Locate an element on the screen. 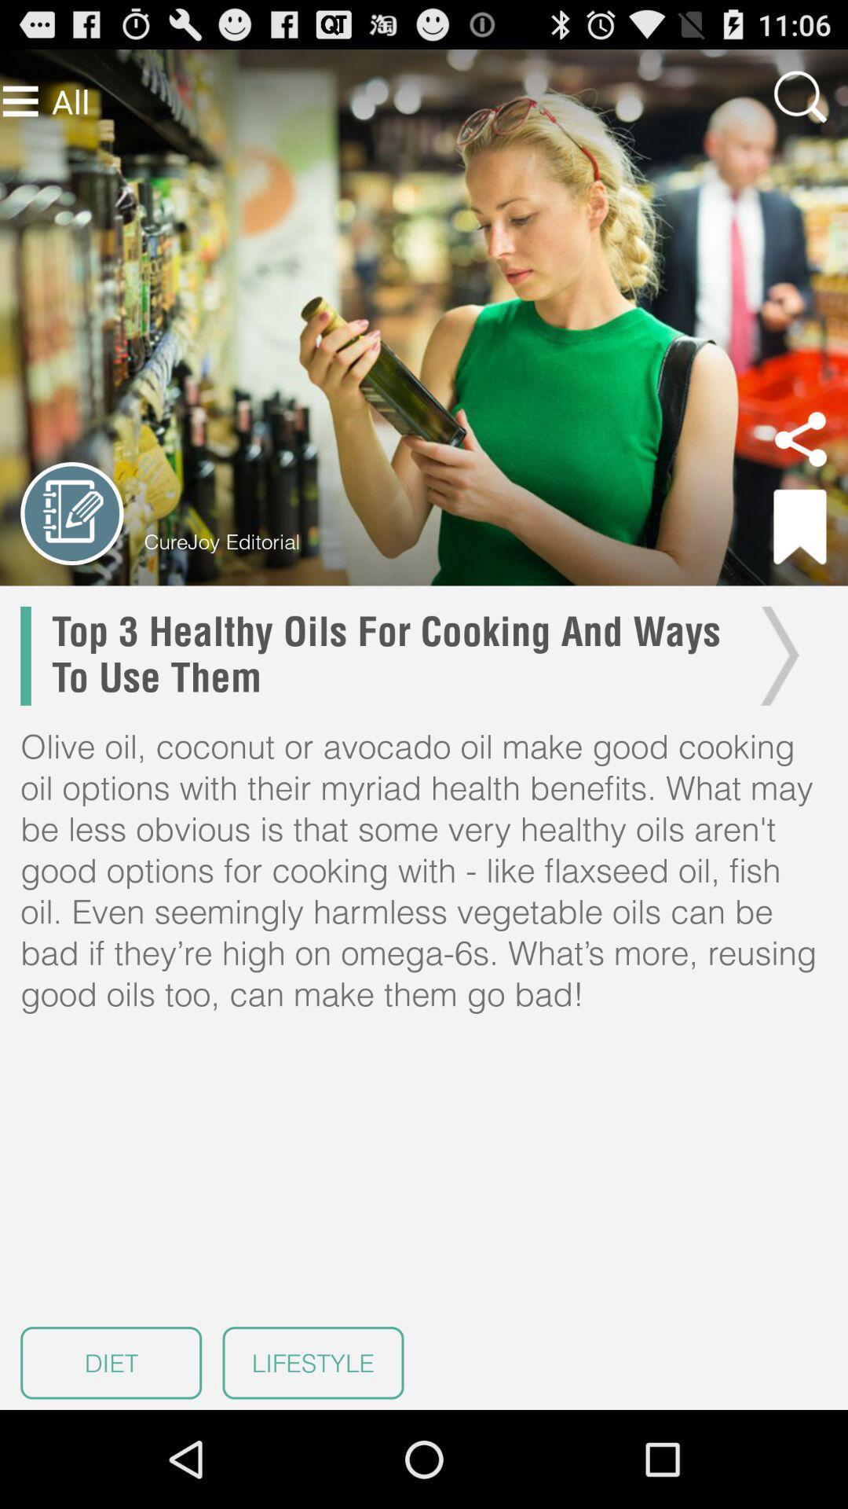 This screenshot has height=1509, width=848. icon above the olive oil coconut icon is located at coordinates (775, 655).